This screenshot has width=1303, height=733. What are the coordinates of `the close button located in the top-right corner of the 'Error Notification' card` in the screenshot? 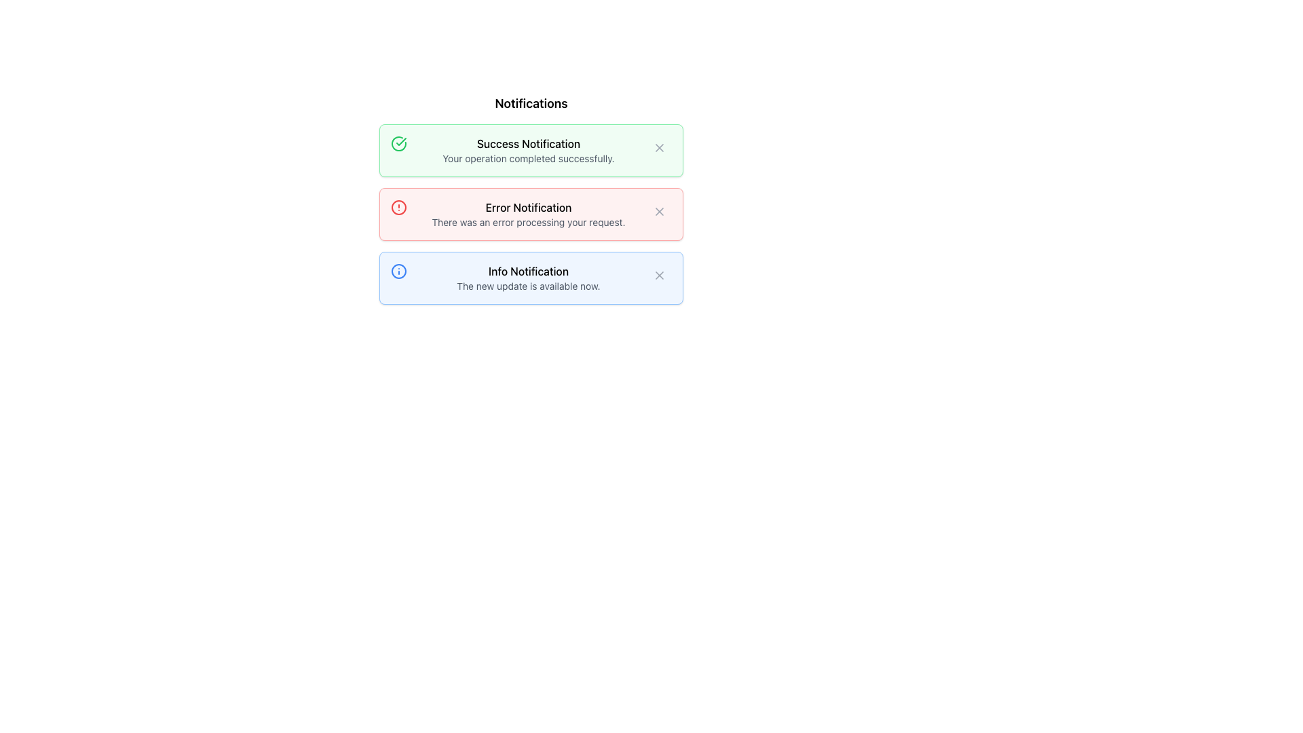 It's located at (659, 212).